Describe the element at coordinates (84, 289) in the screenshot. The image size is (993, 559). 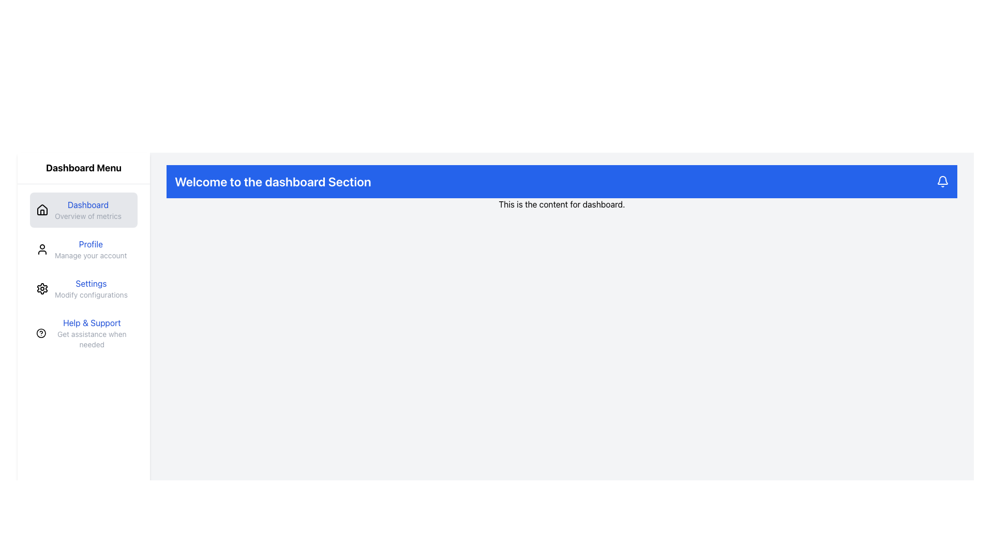
I see `the 'Settings' button in the sidebar menu` at that location.